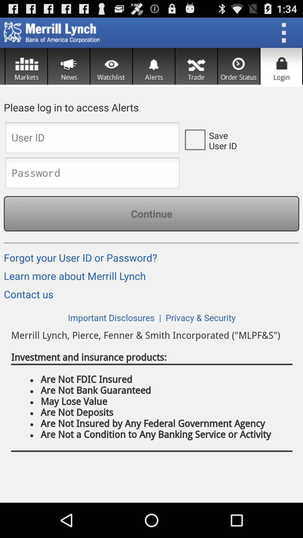 Image resolution: width=303 pixels, height=538 pixels. What do you see at coordinates (68, 66) in the screenshot?
I see `news button` at bounding box center [68, 66].